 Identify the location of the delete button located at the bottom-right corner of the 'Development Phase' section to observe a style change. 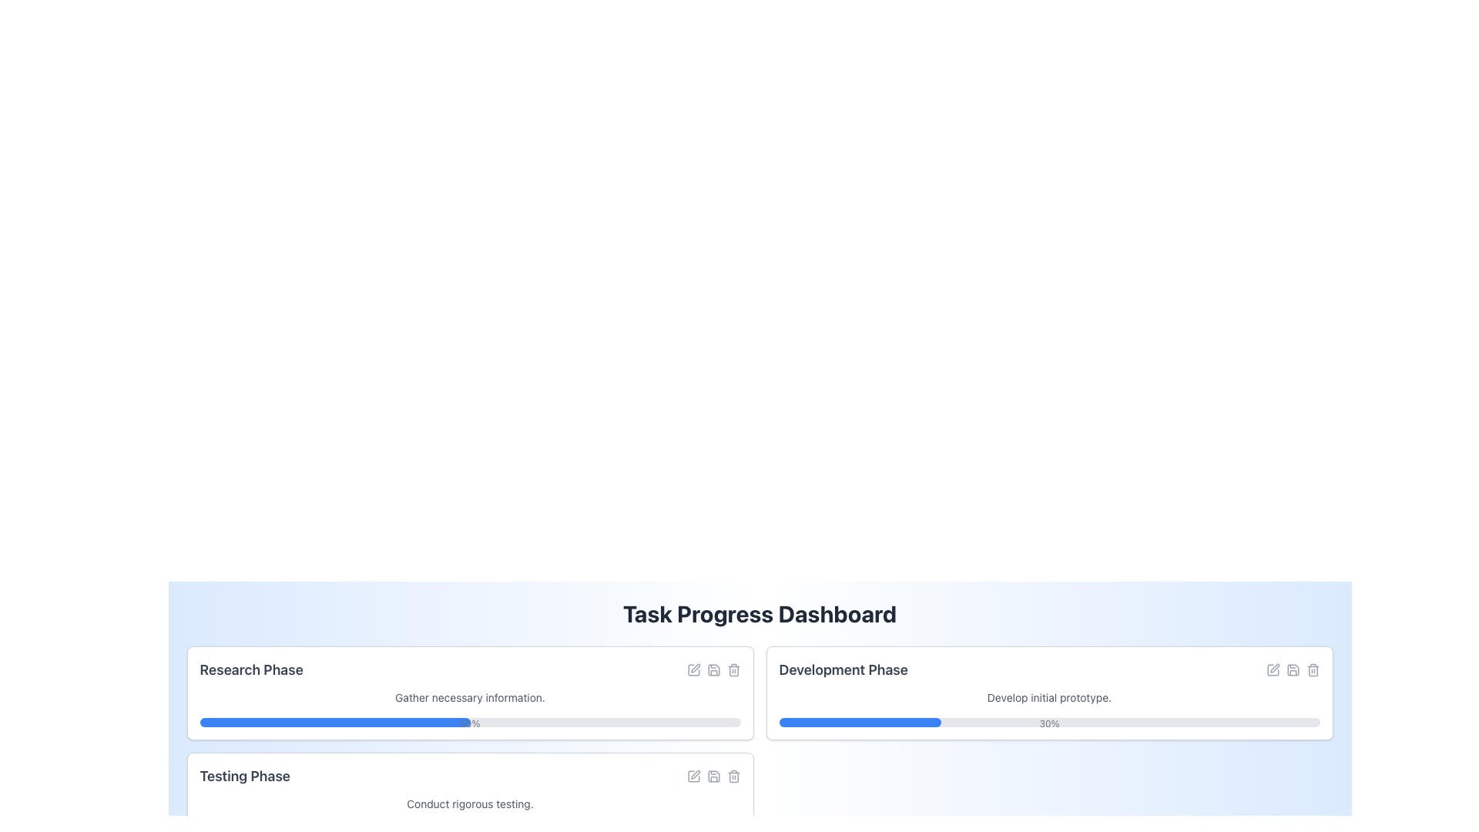
(1312, 669).